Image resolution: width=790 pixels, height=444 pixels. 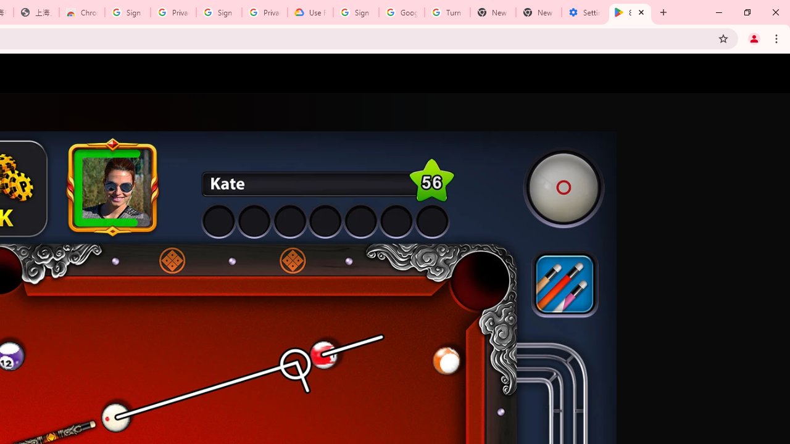 What do you see at coordinates (402, 12) in the screenshot?
I see `'Google Account Help'` at bounding box center [402, 12].